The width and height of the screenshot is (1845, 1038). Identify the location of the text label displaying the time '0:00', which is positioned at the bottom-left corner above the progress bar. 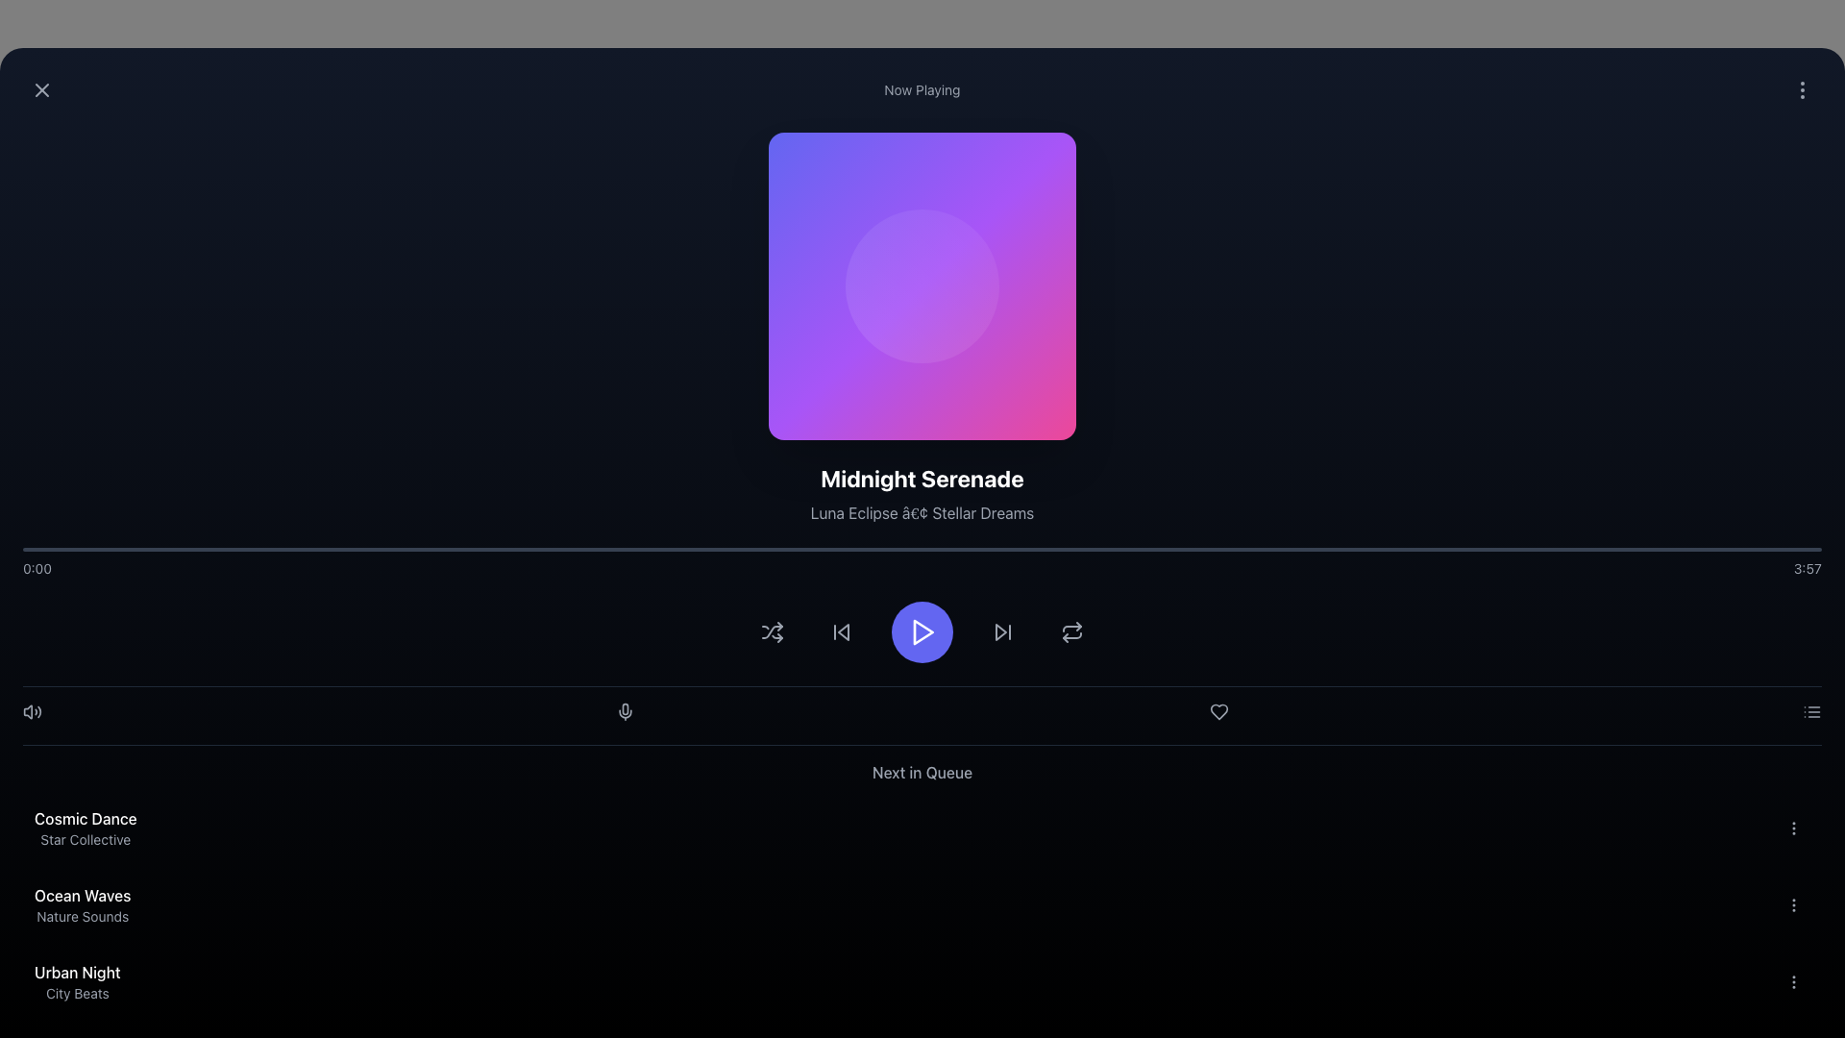
(37, 567).